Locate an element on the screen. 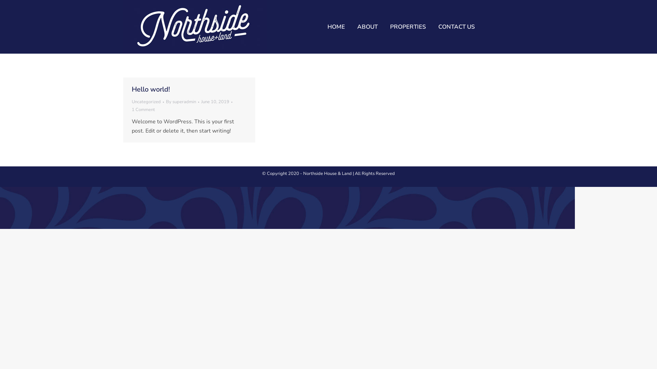  'CONTACT US' is located at coordinates (456, 26).